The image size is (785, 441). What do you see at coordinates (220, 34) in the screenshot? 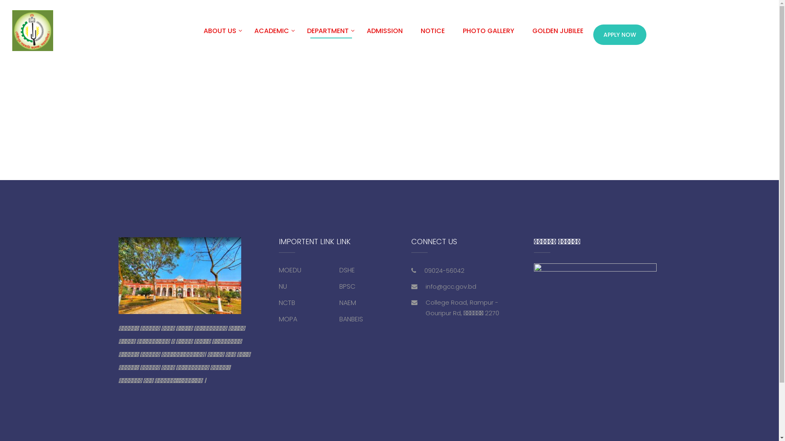
I see `'ABOUT US'` at bounding box center [220, 34].